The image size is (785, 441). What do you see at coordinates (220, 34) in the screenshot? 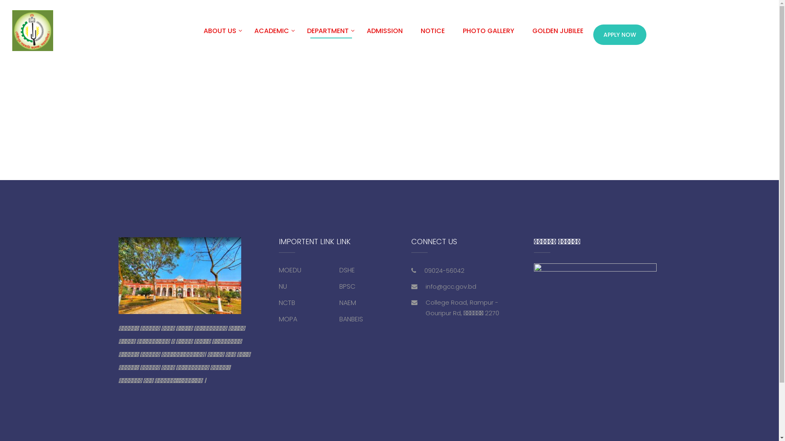
I see `'ABOUT US'` at bounding box center [220, 34].